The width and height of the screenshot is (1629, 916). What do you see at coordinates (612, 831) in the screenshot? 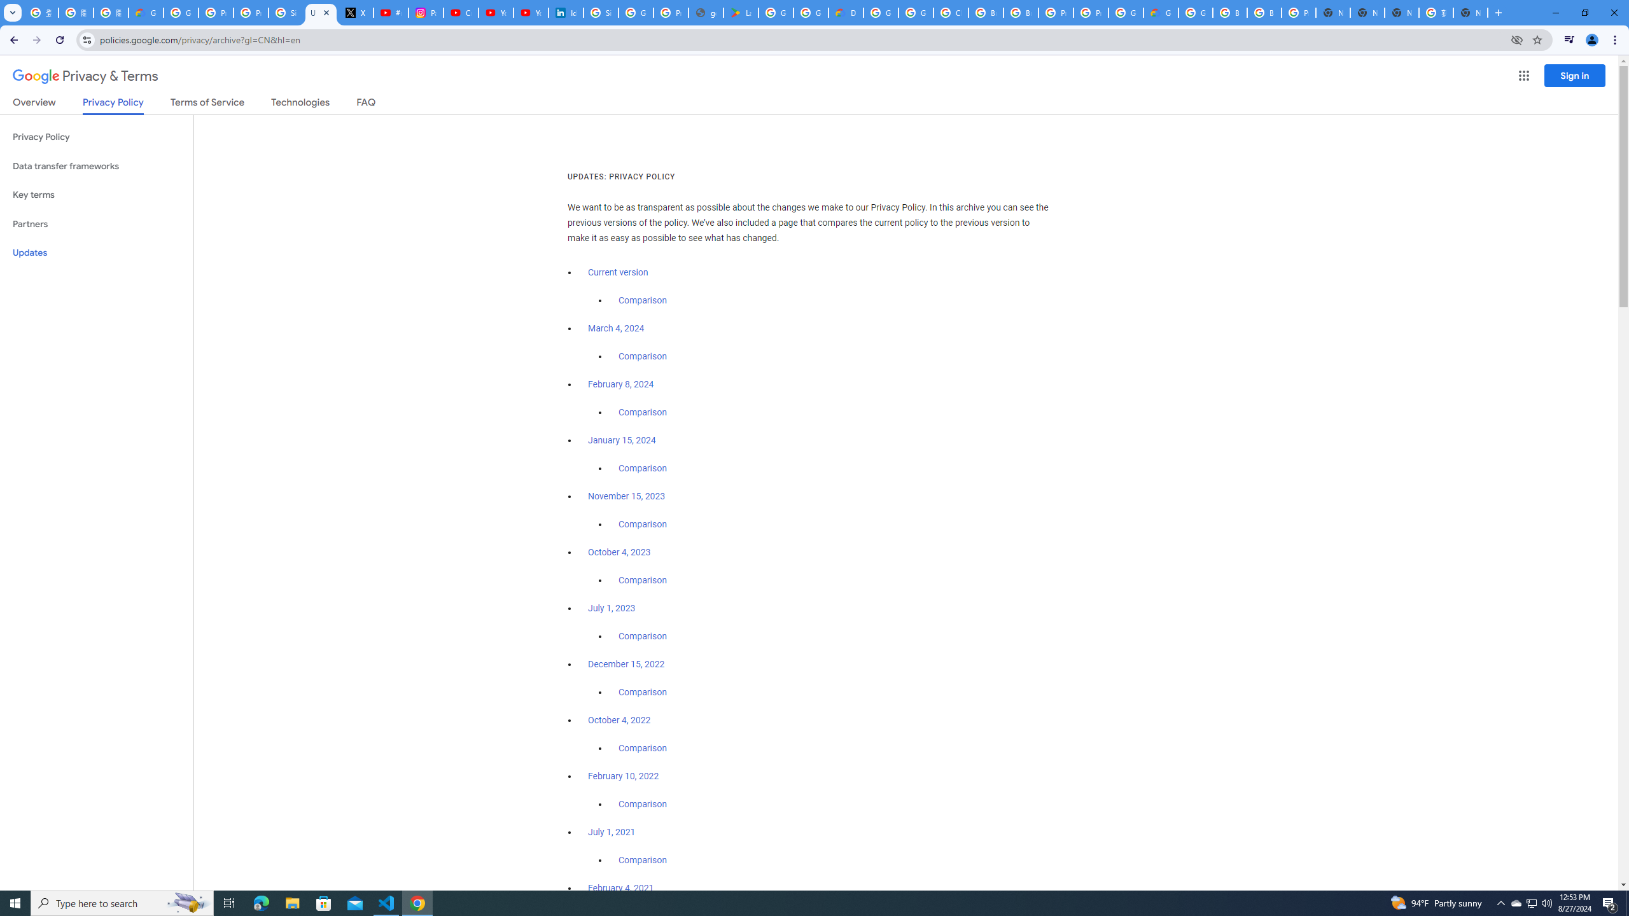
I see `'July 1, 2021'` at bounding box center [612, 831].